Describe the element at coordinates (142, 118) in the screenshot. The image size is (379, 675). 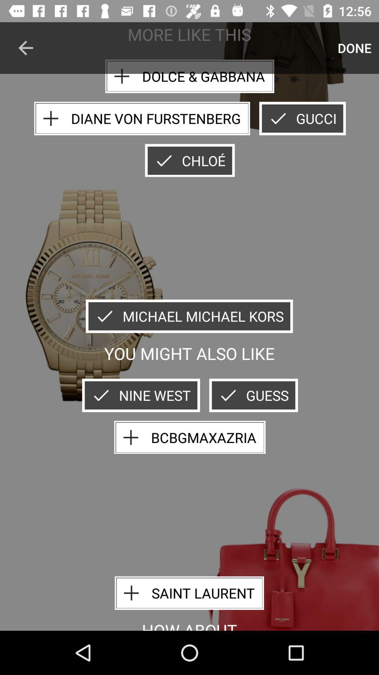
I see `diane von furstenberg` at that location.